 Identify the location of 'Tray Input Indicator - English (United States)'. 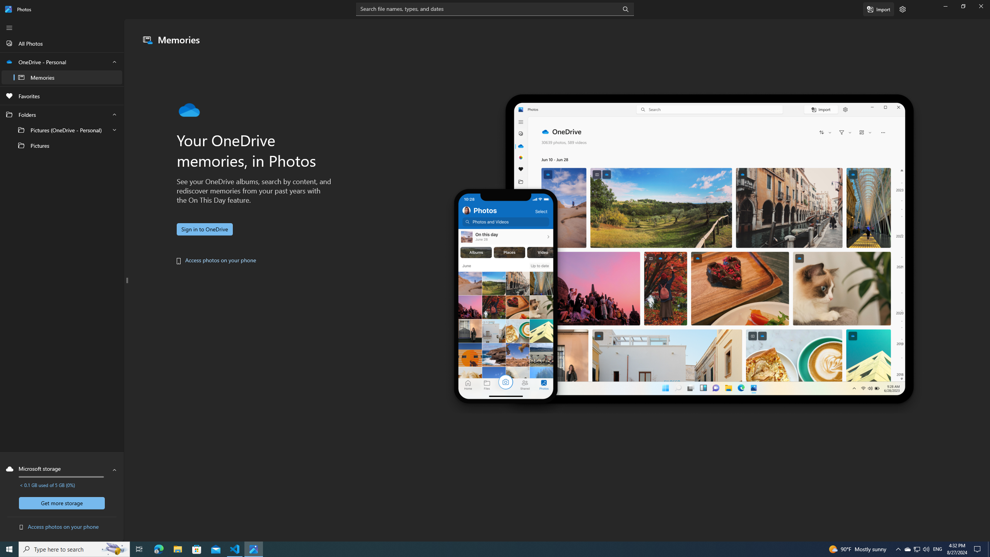
(937, 548).